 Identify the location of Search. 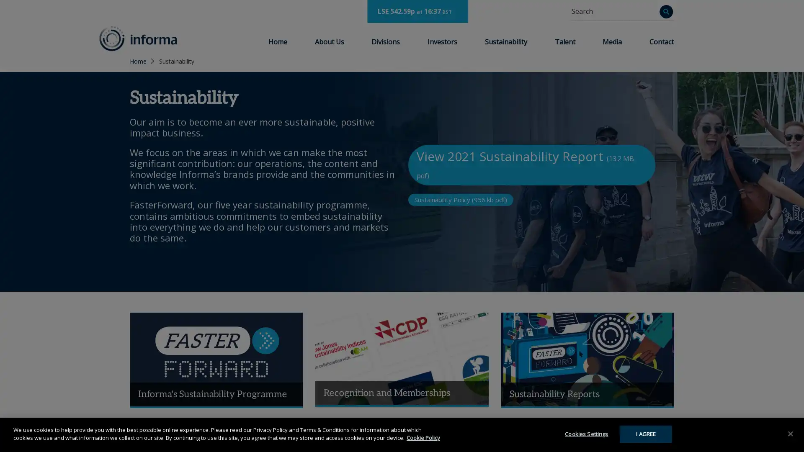
(666, 12).